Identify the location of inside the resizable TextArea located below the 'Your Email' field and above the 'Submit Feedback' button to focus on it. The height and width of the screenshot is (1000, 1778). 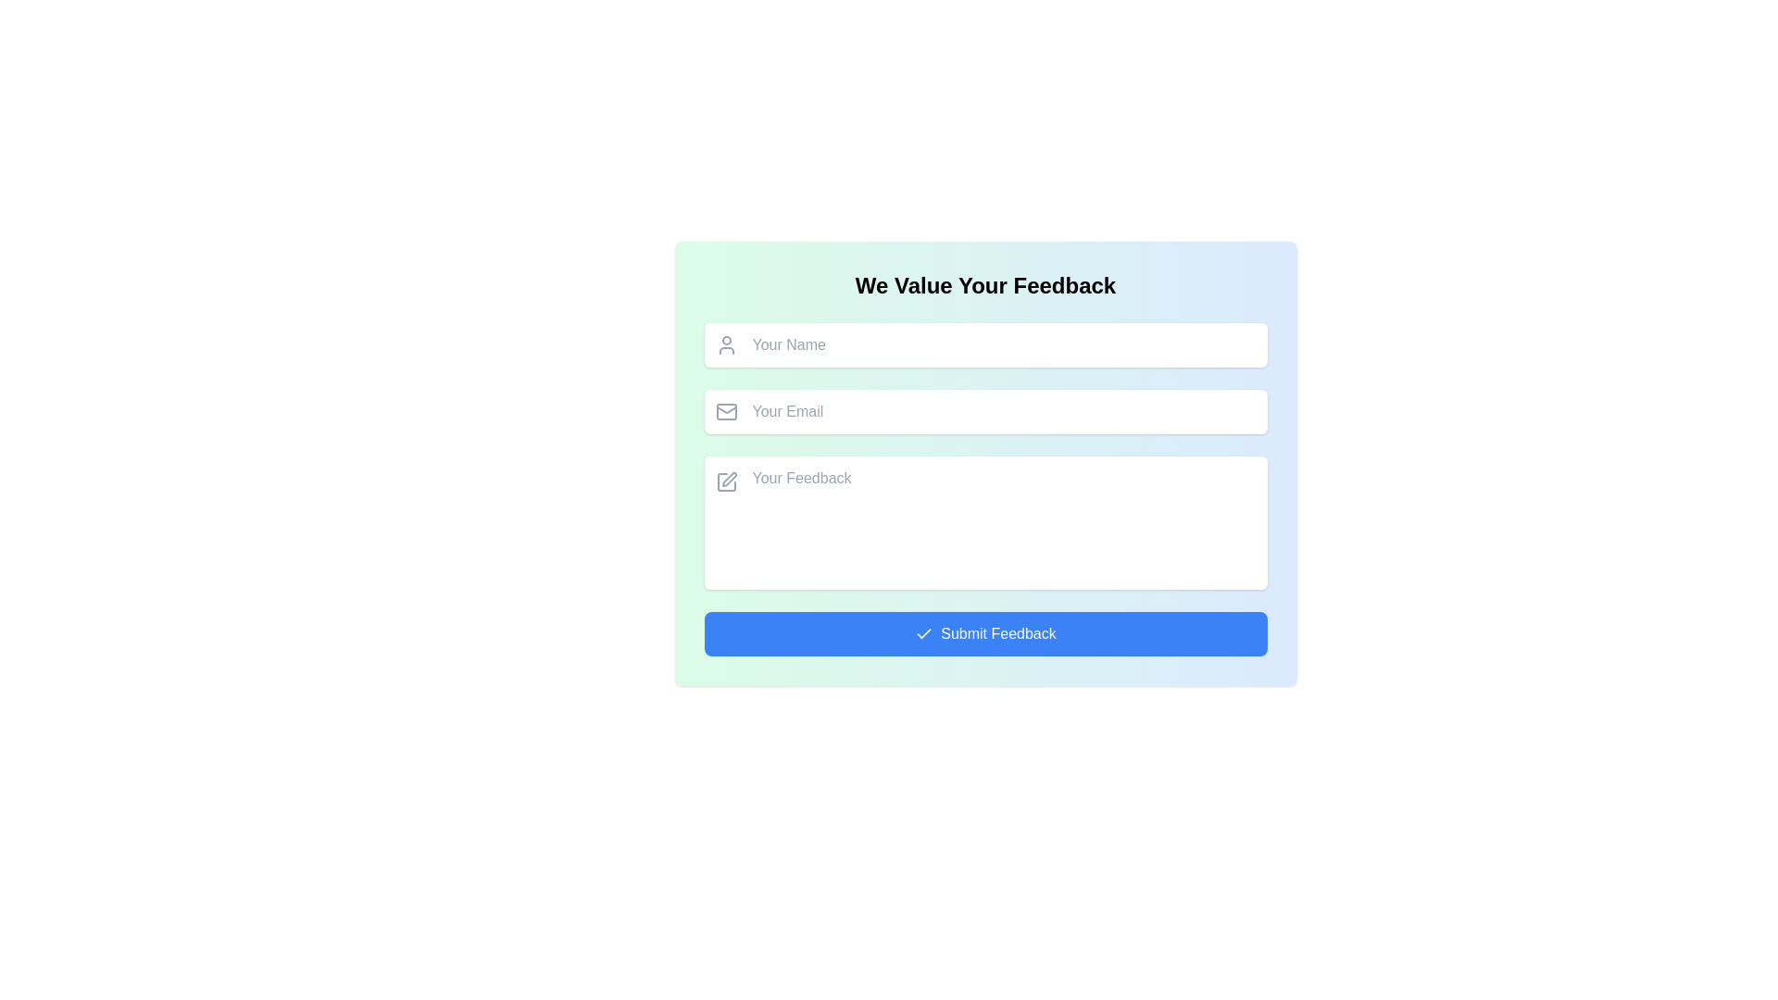
(995, 522).